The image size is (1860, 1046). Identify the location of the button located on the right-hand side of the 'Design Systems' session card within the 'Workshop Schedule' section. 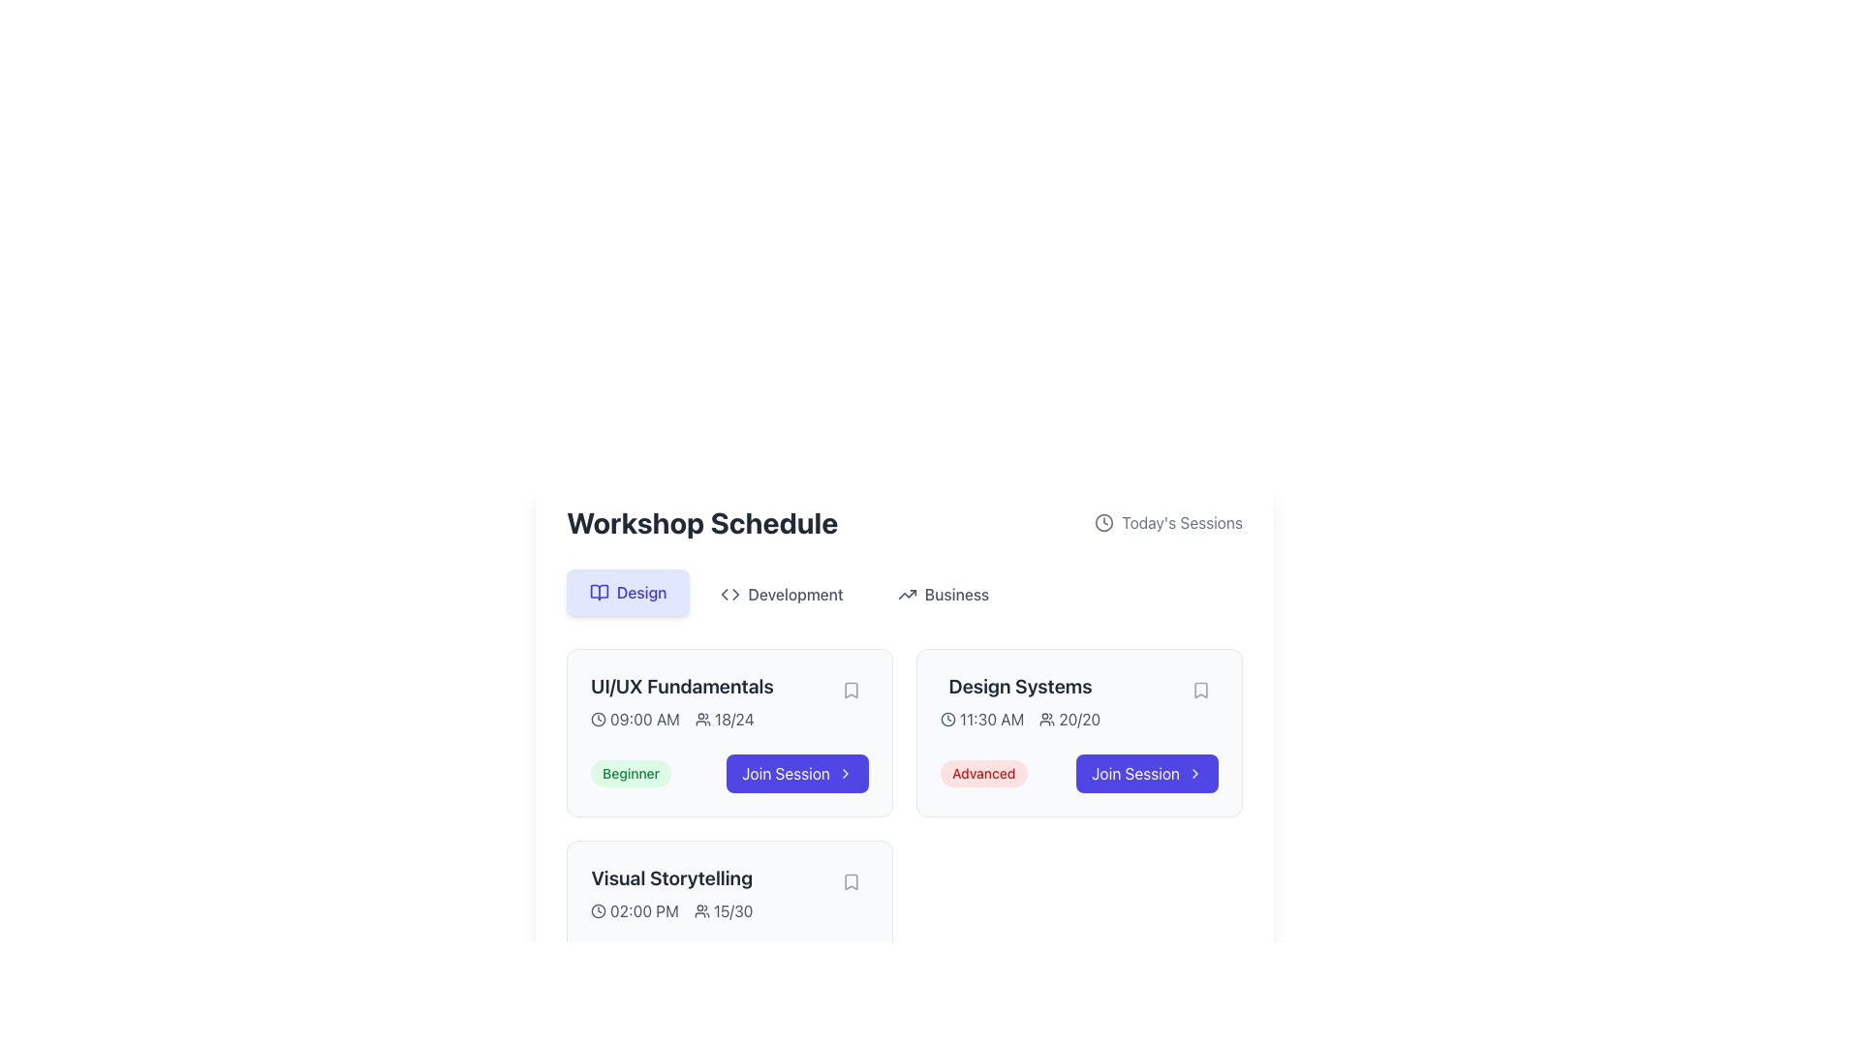
(1147, 772).